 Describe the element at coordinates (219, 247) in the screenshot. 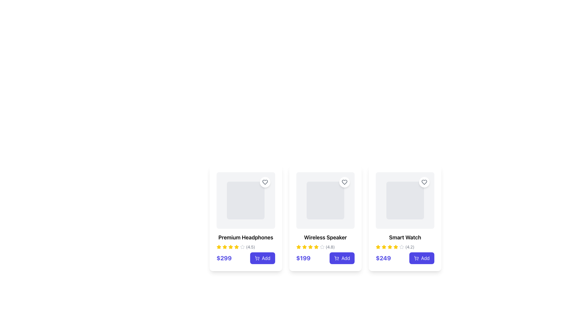

I see `the first star icon of the 5-star rating system below the product title 'Premium Headphones' to indicate feedback` at that location.